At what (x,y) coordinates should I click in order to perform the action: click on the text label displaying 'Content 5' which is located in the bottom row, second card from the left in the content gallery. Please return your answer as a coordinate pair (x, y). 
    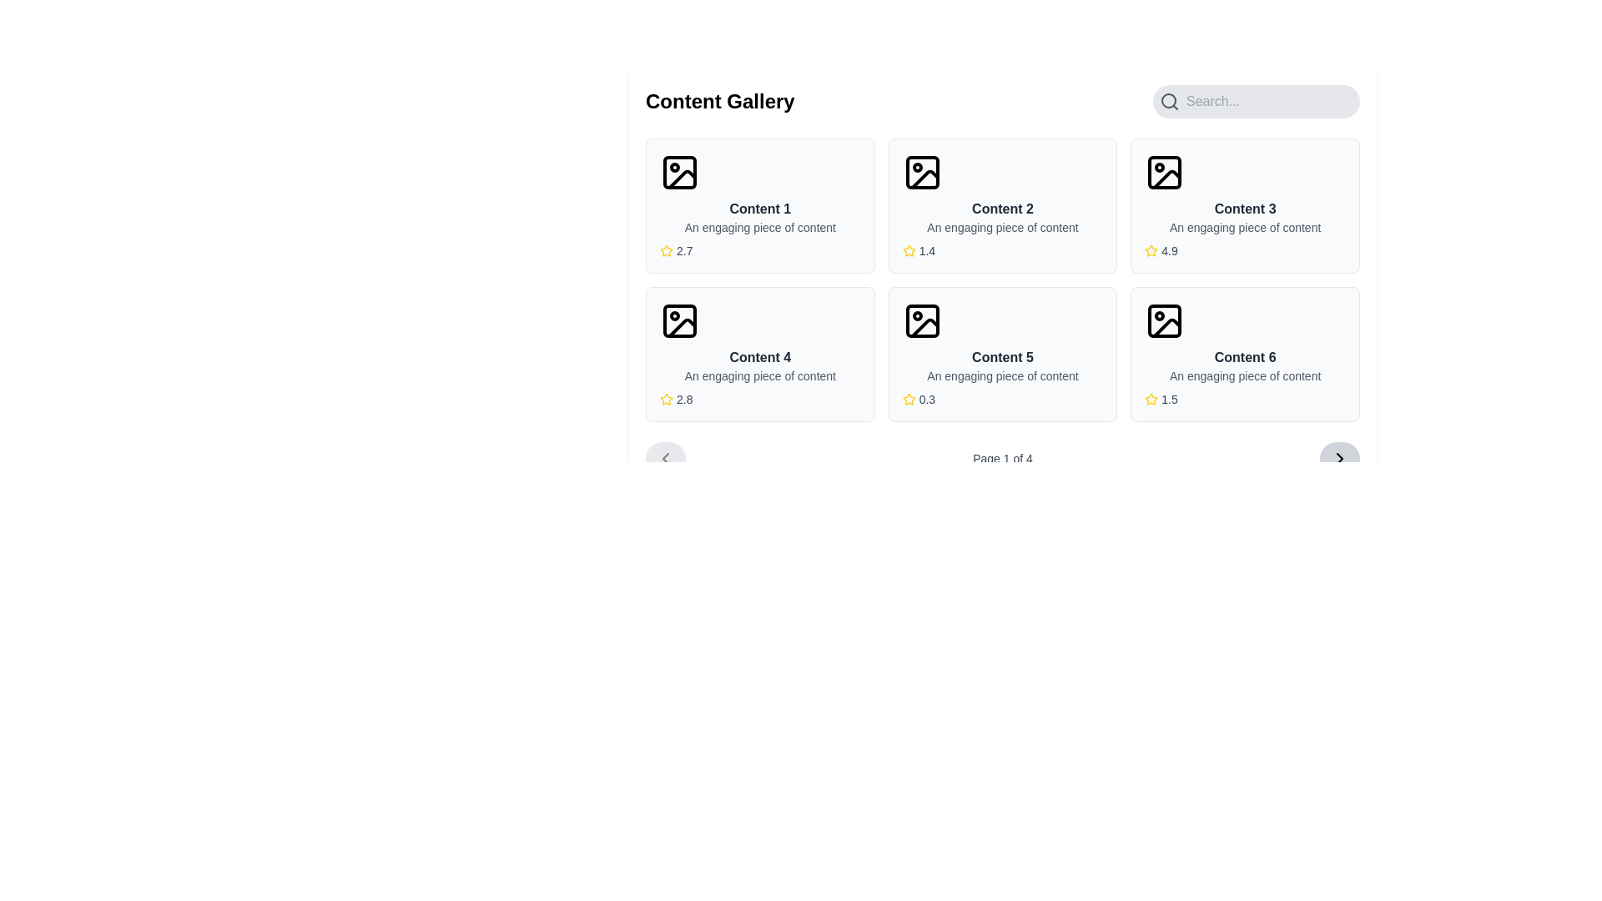
    Looking at the image, I should click on (1001, 356).